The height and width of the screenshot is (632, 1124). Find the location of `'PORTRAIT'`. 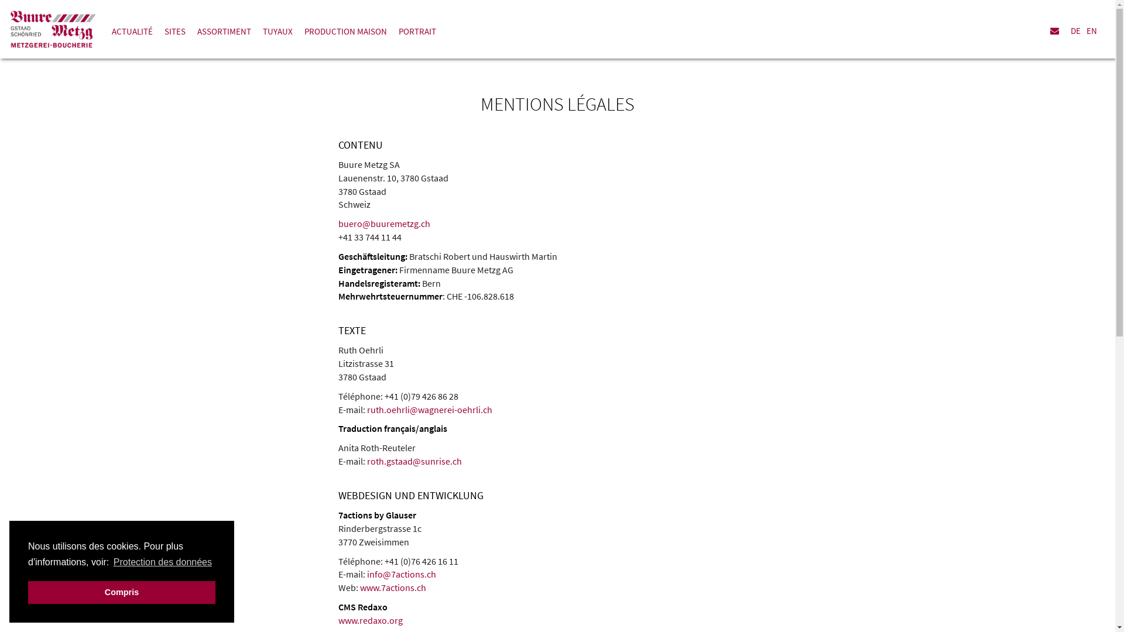

'PORTRAIT' is located at coordinates (417, 31).